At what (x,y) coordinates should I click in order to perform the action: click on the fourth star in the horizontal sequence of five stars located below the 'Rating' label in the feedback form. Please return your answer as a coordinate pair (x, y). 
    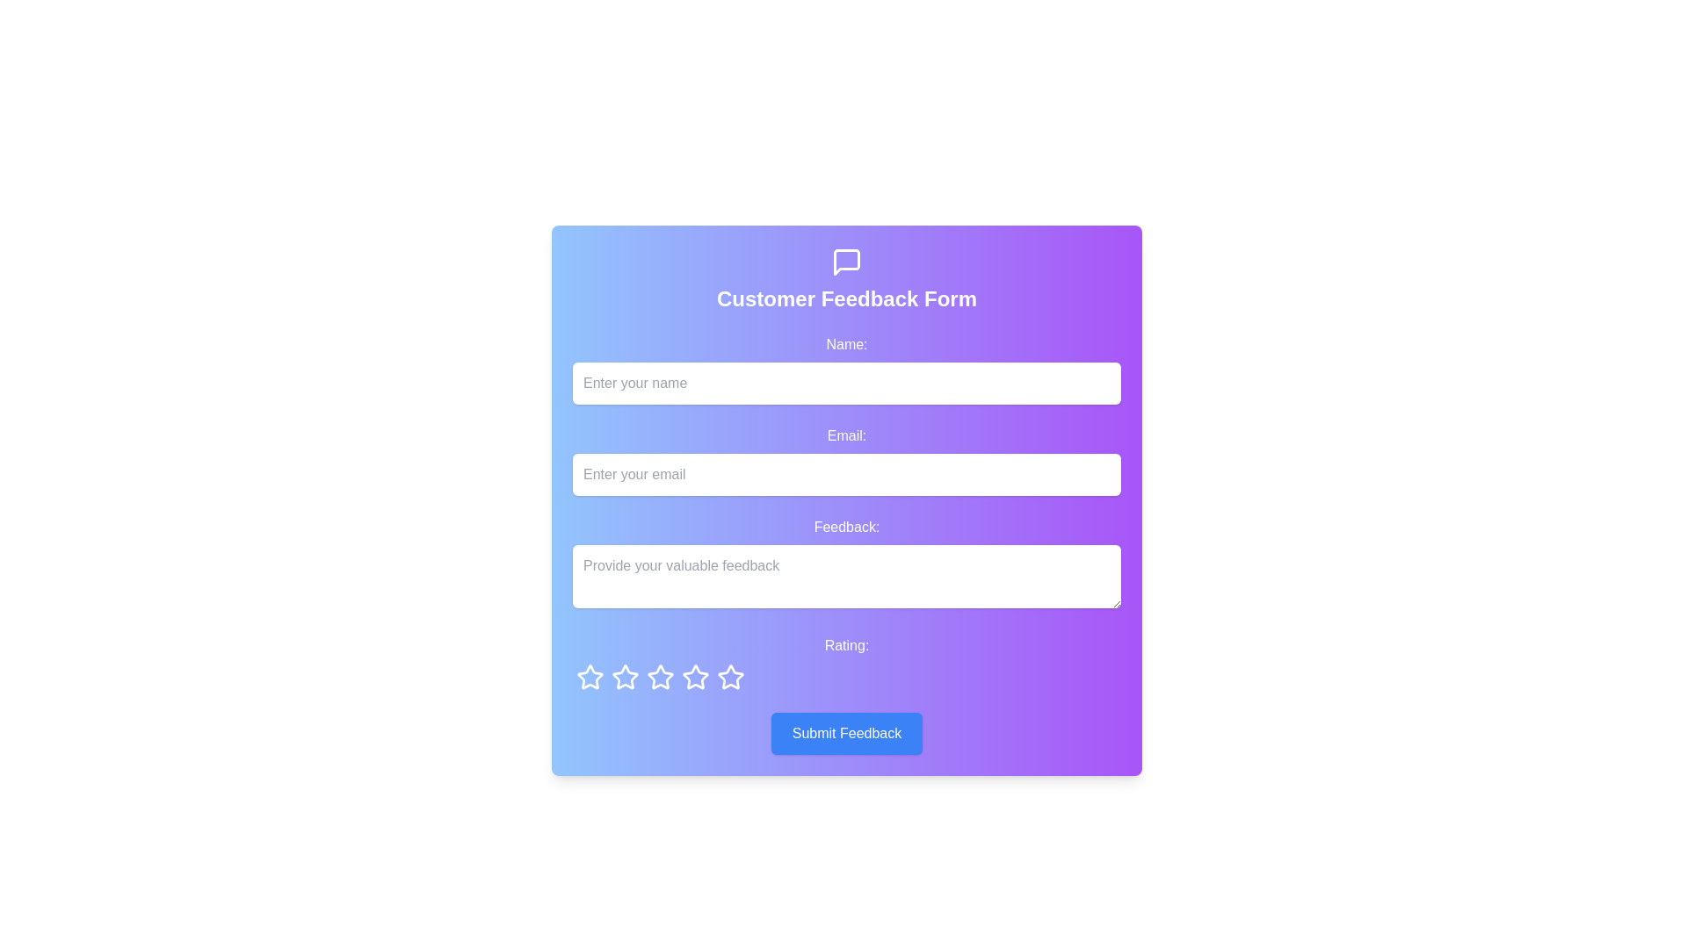
    Looking at the image, I should click on (730, 676).